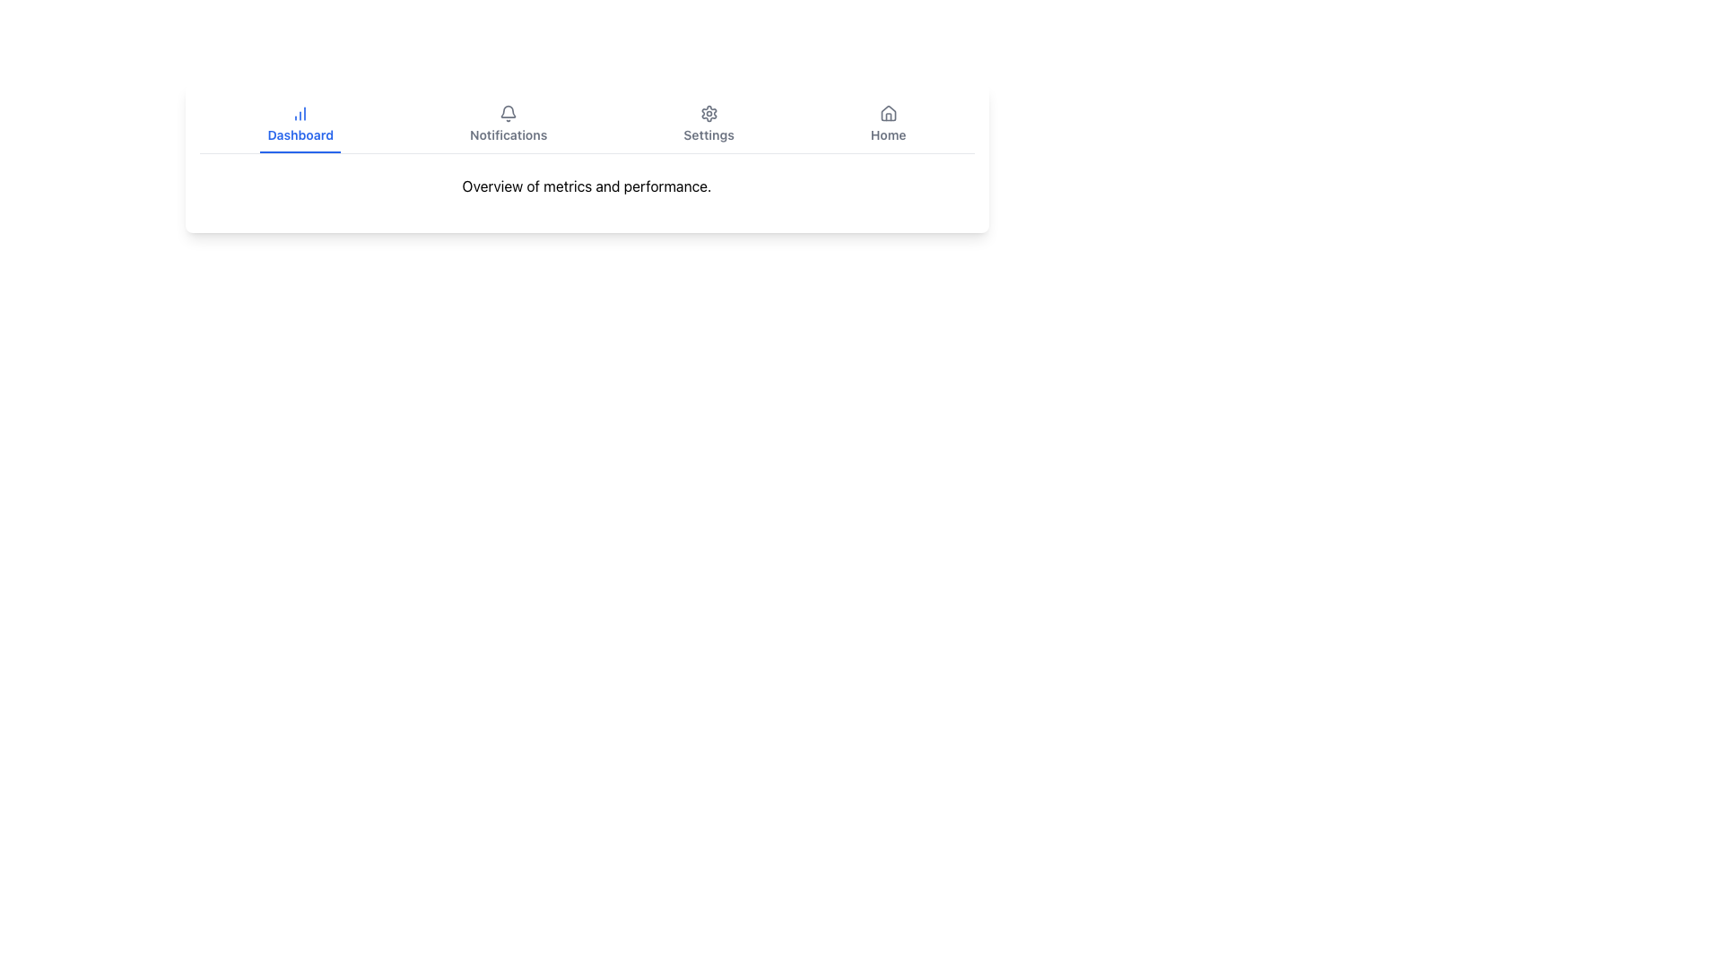 The image size is (1722, 968). I want to click on the graphic house icon located on the far right of the top navigation menu under the text 'Home', so click(888, 113).